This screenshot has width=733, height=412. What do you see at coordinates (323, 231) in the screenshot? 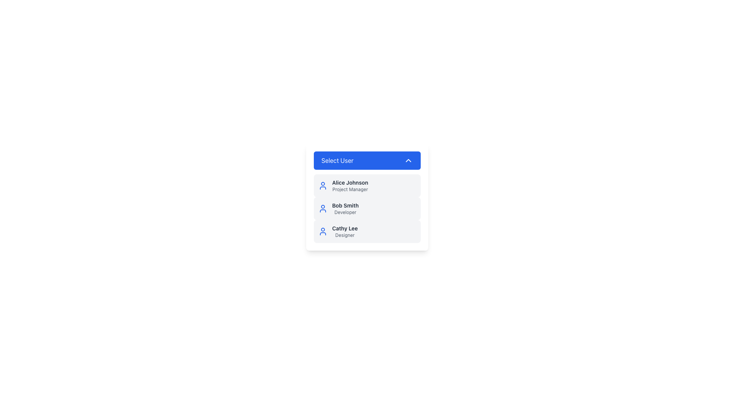
I see `the blue user silhouette icon positioned to the left of the text 'Cathy Lee Designer' in the dropdown menu` at bounding box center [323, 231].